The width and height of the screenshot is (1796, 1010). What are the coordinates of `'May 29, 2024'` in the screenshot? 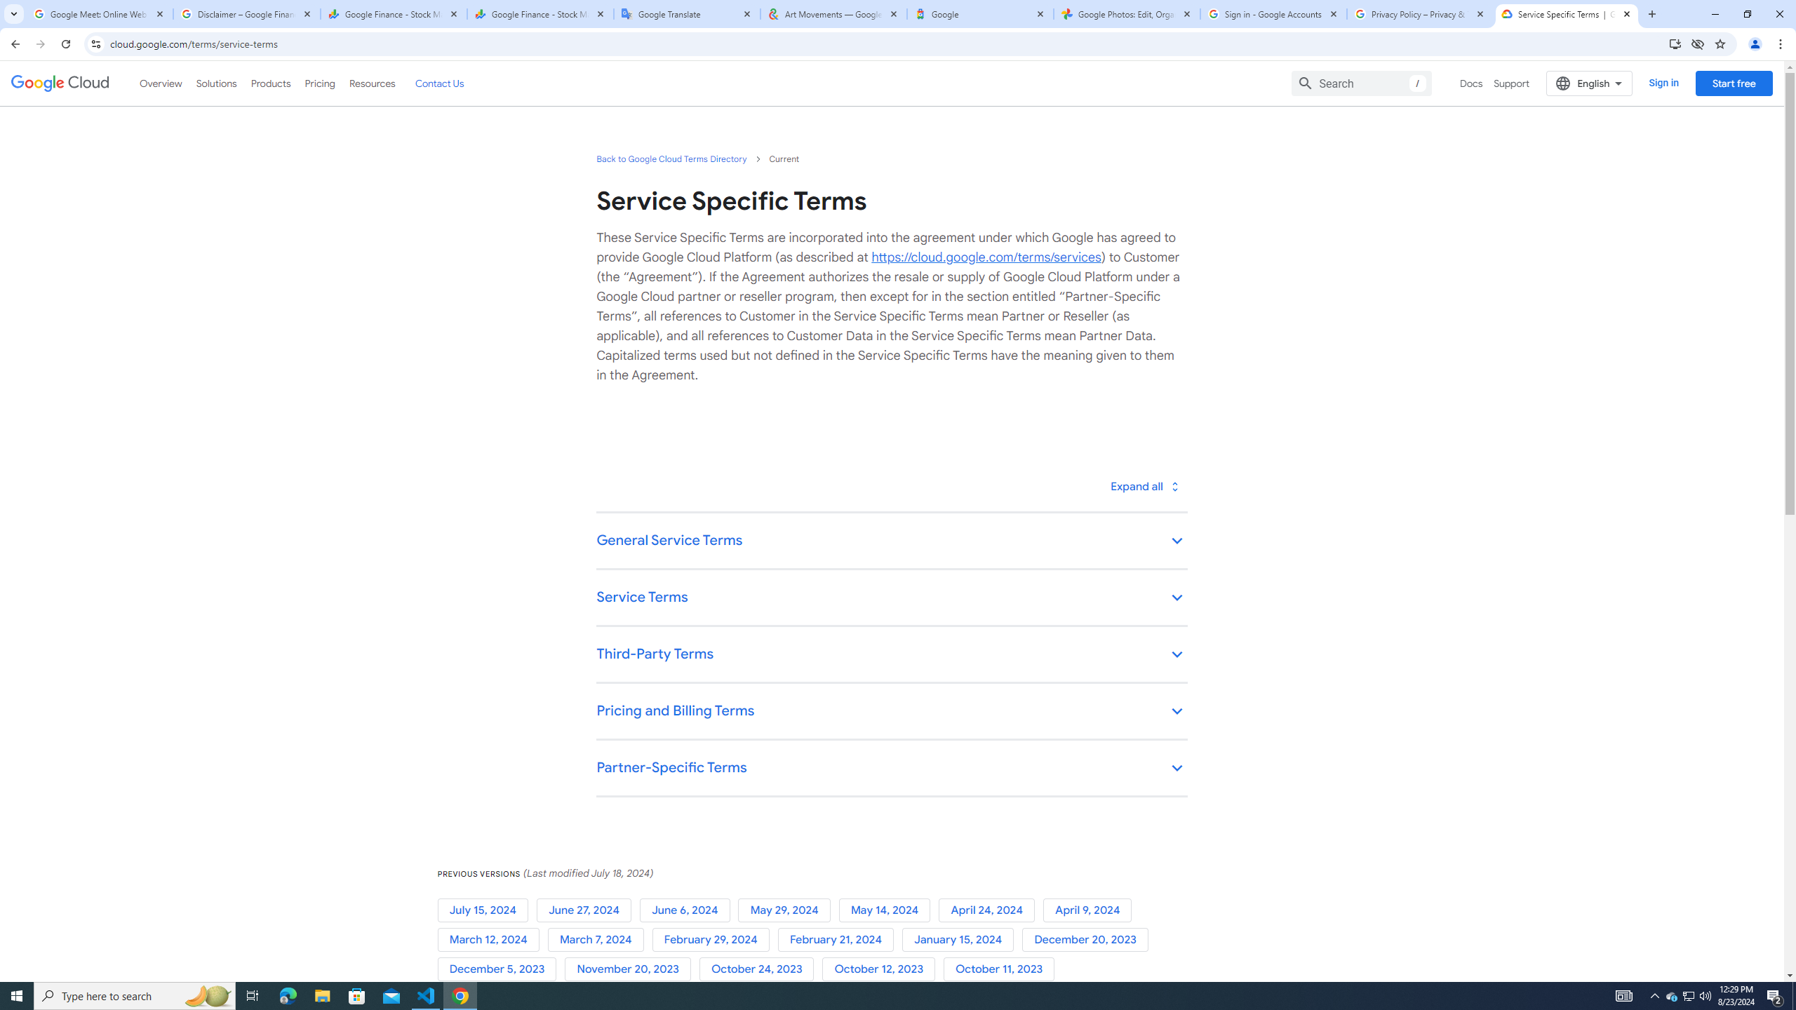 It's located at (787, 910).